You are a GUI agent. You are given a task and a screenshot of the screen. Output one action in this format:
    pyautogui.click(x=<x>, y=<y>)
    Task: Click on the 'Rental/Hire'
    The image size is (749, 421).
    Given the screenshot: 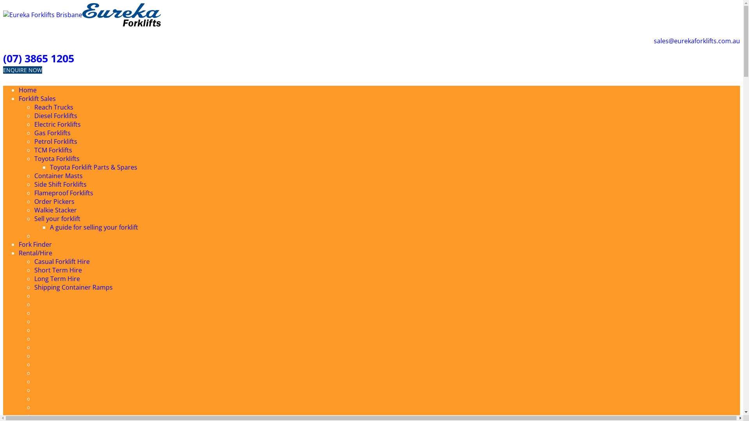 What is the action you would take?
    pyautogui.click(x=35, y=253)
    